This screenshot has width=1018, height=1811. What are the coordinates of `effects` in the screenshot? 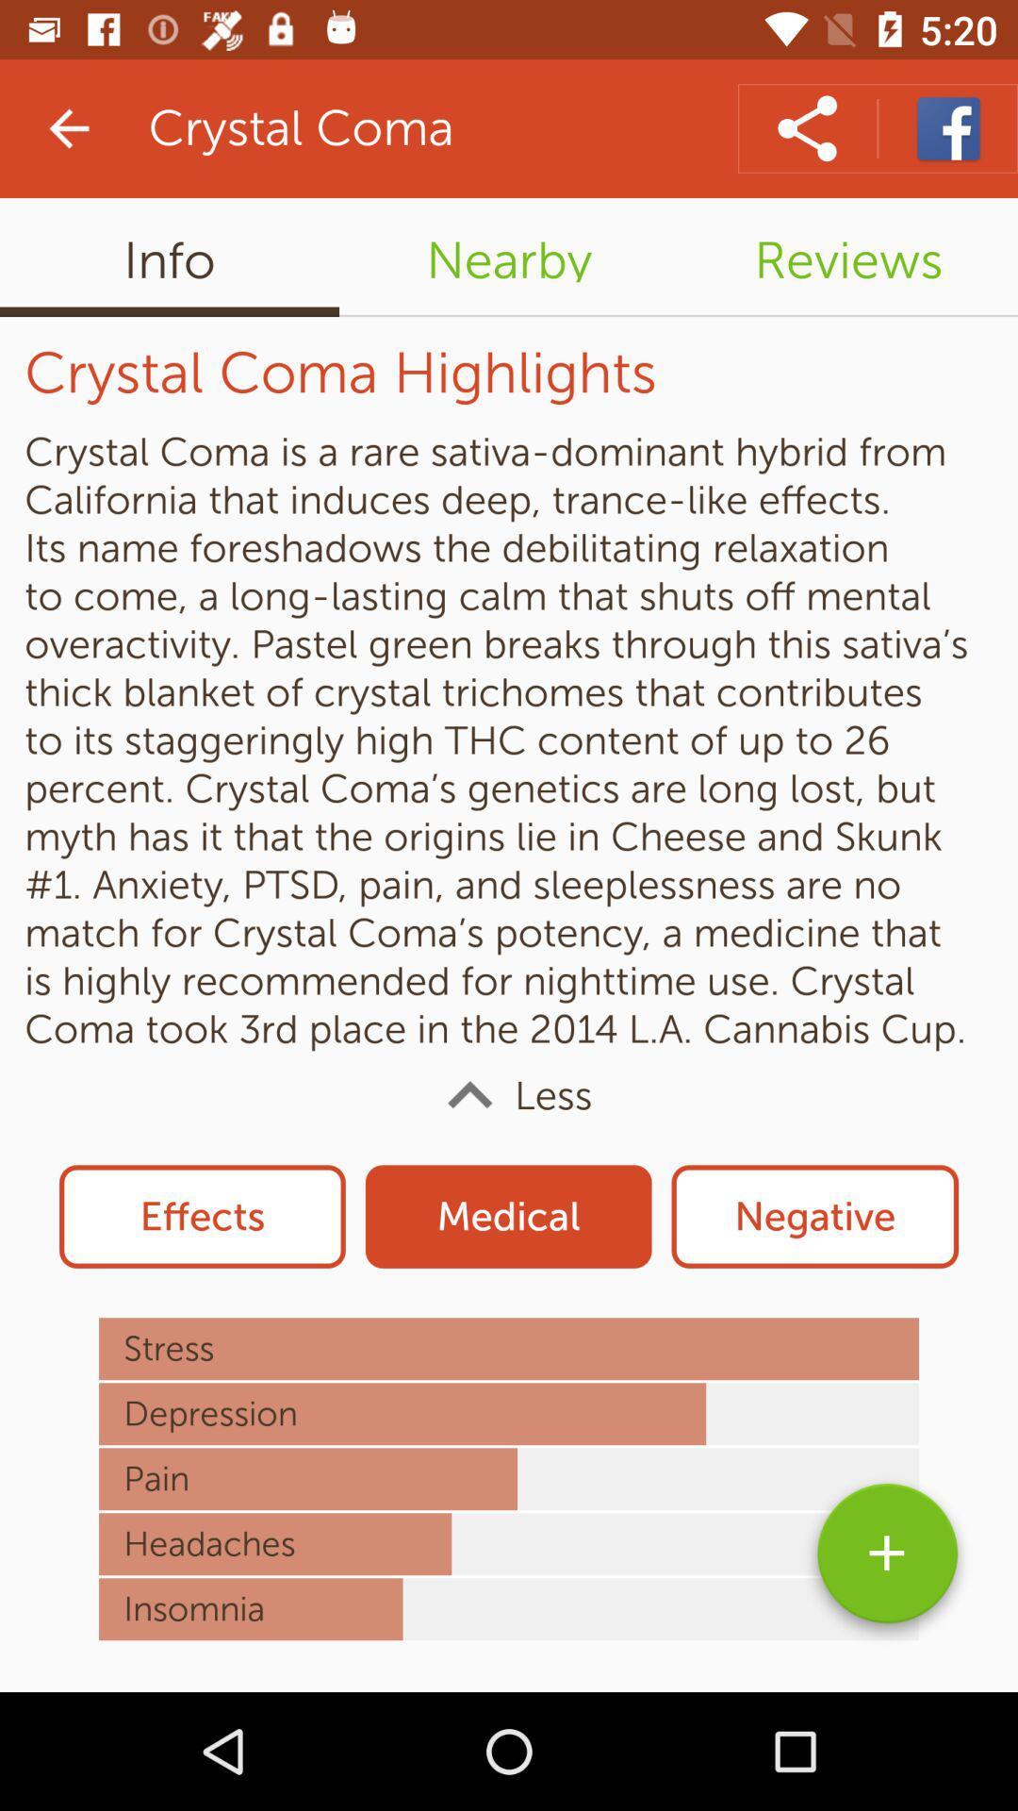 It's located at (203, 1217).